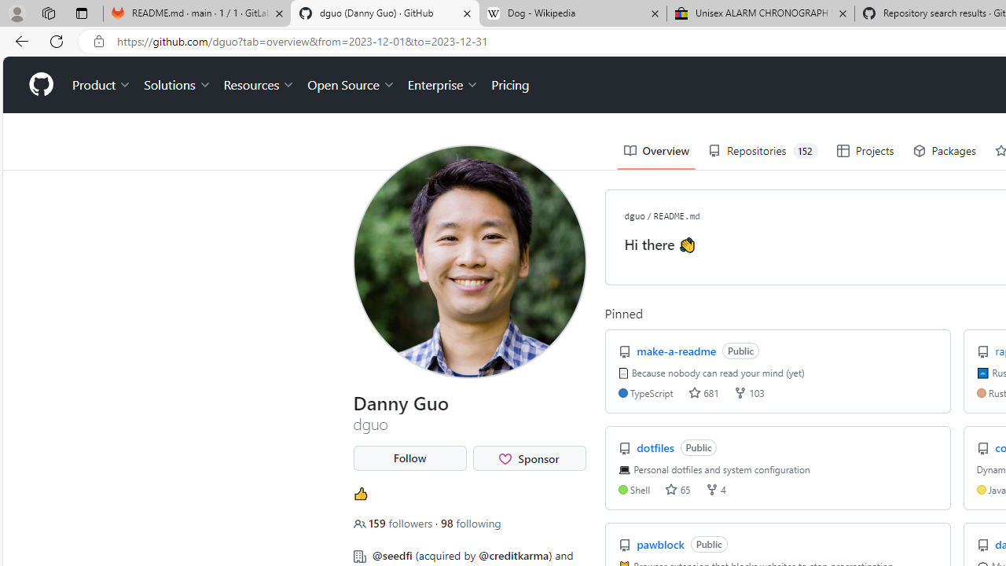 The height and width of the screenshot is (566, 1006). I want to click on 'Resources', so click(259, 85).